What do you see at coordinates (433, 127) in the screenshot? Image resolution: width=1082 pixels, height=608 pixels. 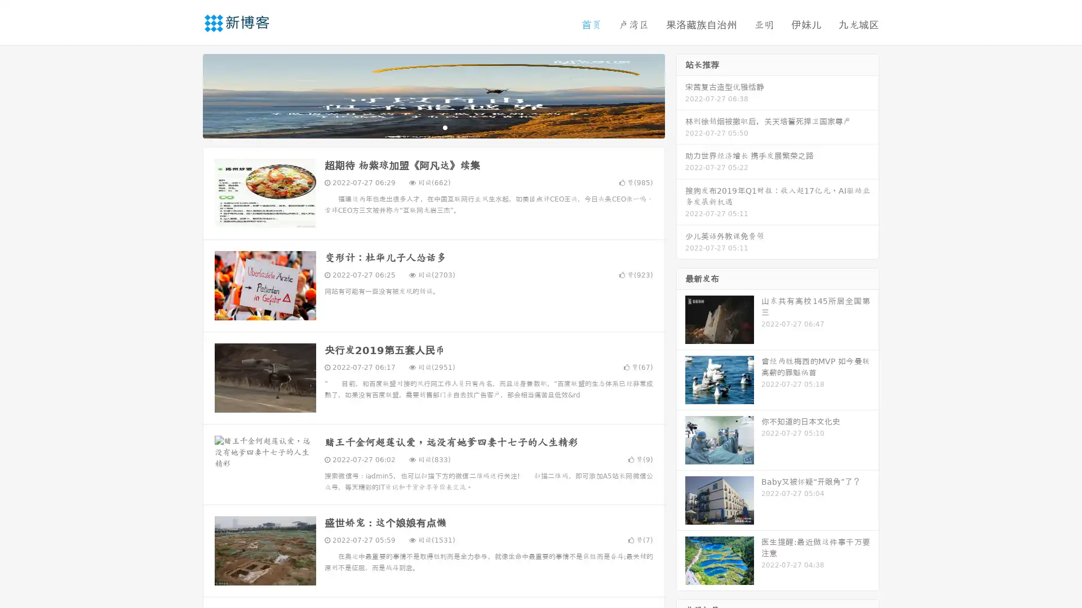 I see `Go to slide 2` at bounding box center [433, 127].